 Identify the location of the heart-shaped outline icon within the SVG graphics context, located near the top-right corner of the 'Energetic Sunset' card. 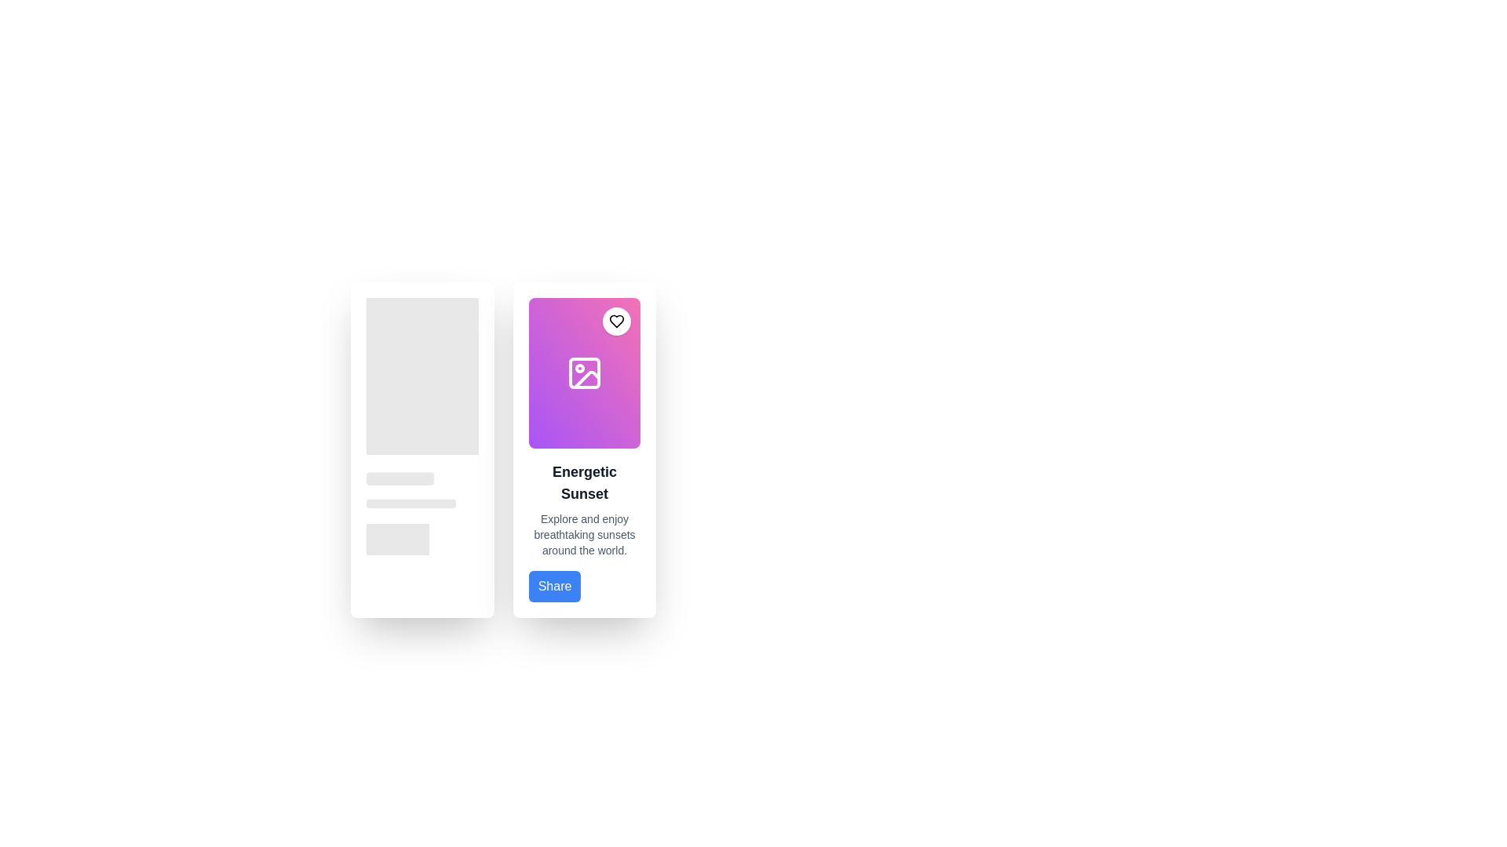
(616, 320).